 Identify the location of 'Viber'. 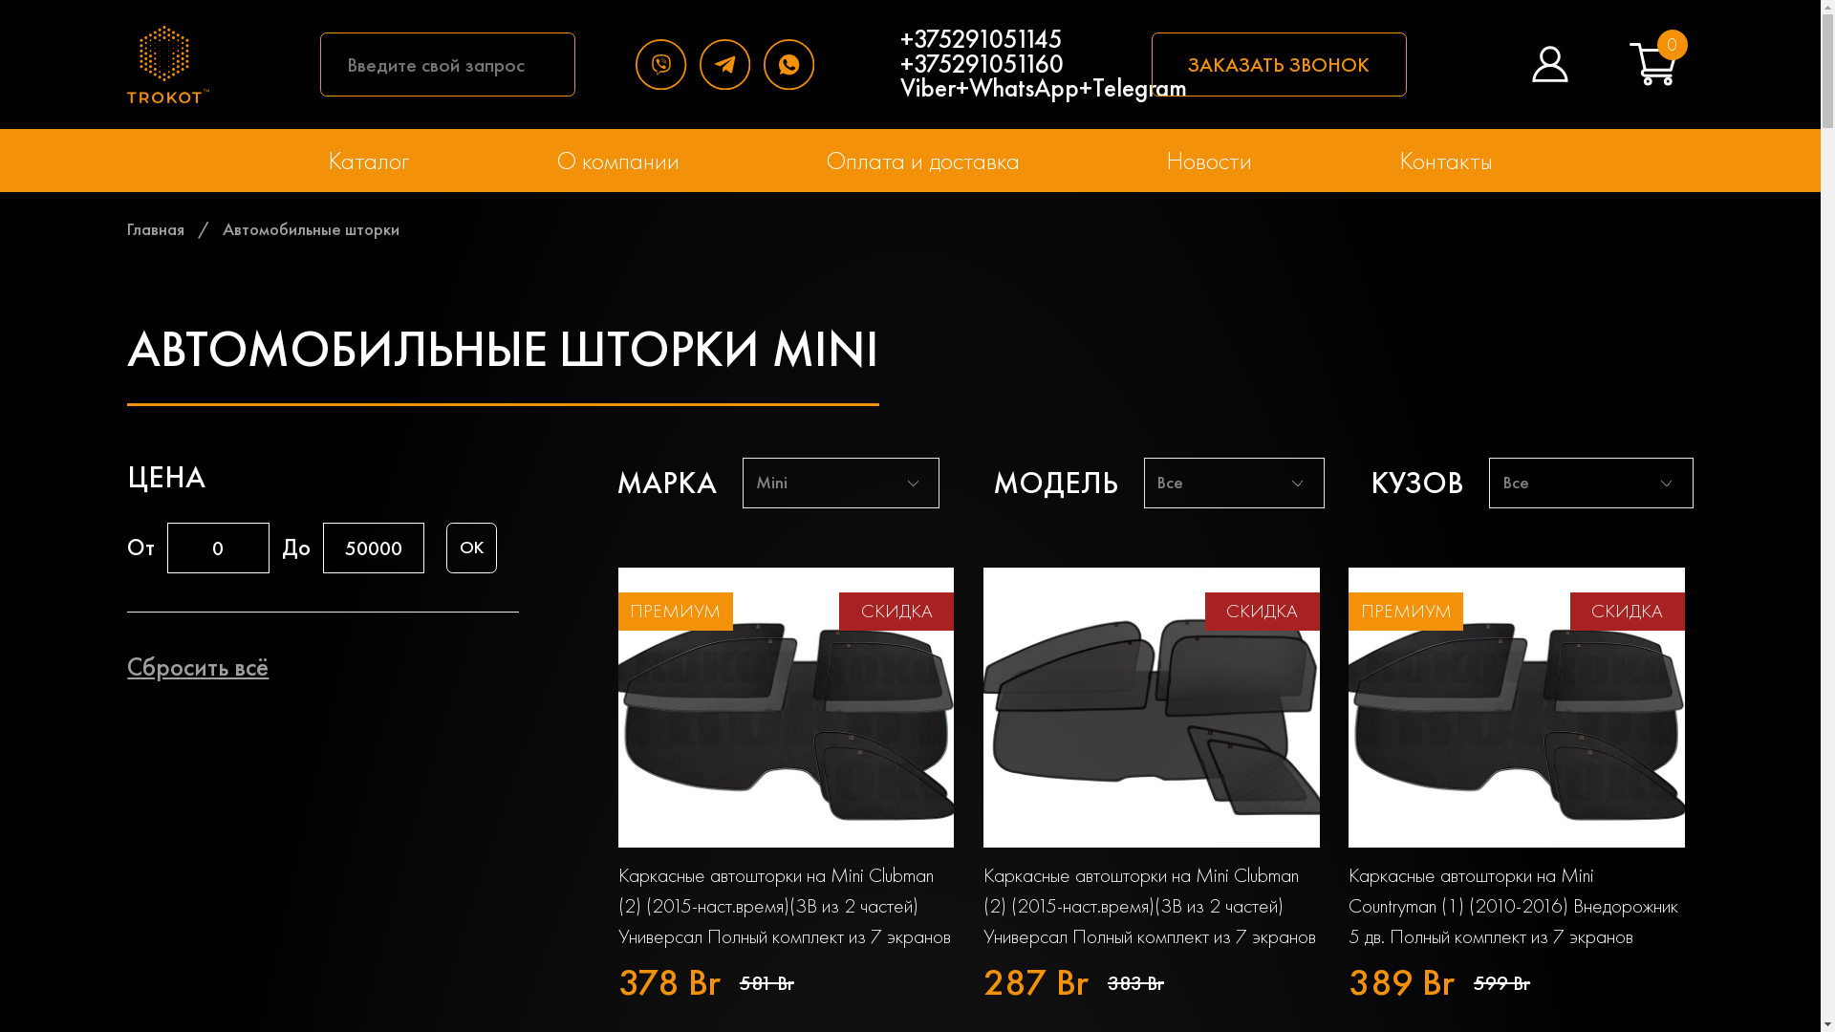
(667, 63).